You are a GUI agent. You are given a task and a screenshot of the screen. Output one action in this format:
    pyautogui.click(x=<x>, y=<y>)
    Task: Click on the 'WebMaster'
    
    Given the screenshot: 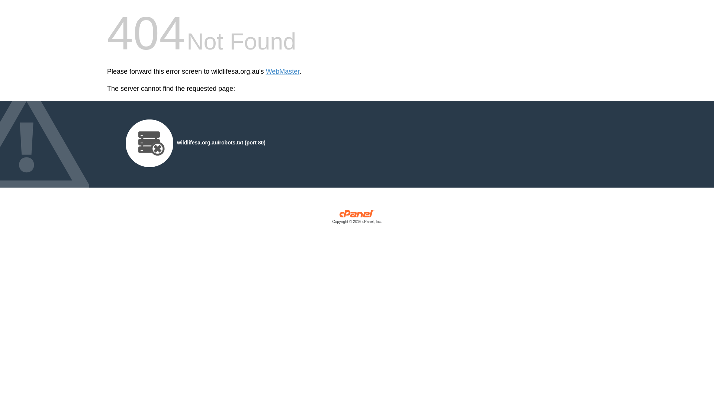 What is the action you would take?
    pyautogui.click(x=282, y=71)
    